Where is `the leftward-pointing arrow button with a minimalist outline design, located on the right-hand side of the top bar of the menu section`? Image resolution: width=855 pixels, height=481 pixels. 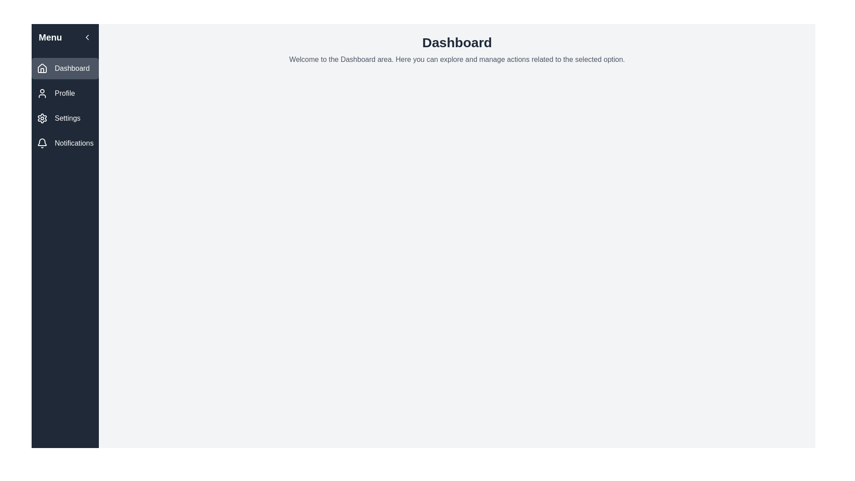
the leftward-pointing arrow button with a minimalist outline design, located on the right-hand side of the top bar of the menu section is located at coordinates (87, 37).